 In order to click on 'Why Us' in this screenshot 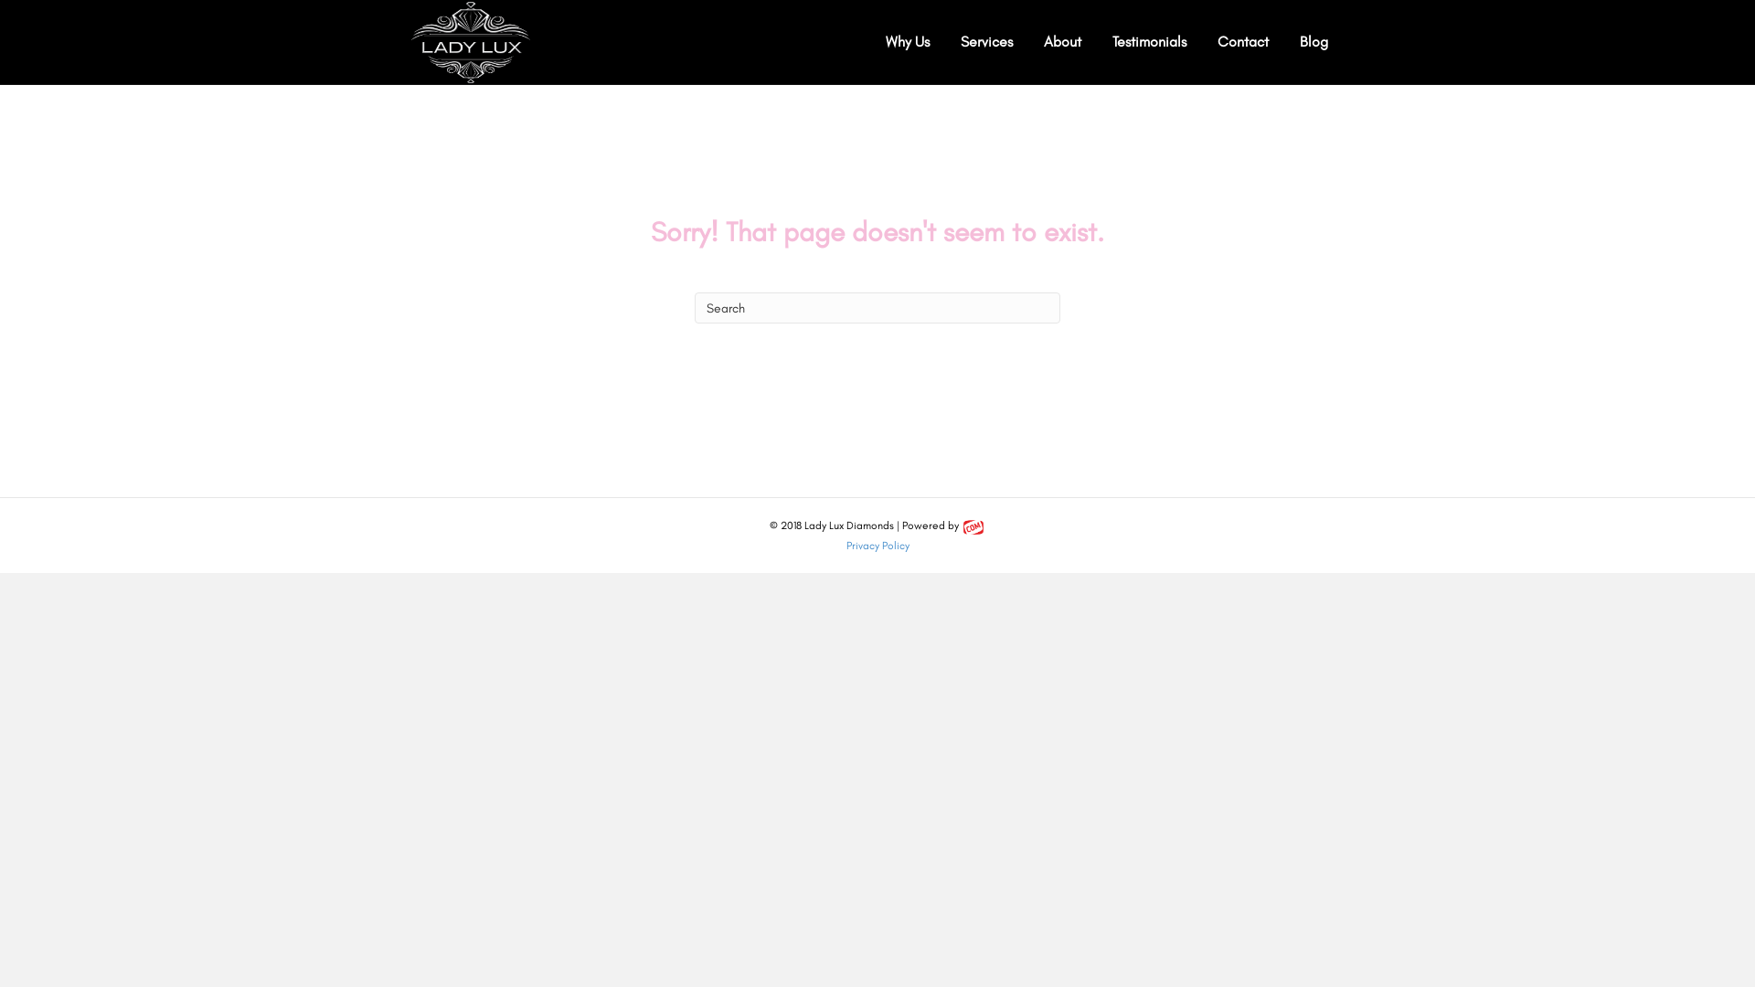, I will do `click(908, 41)`.